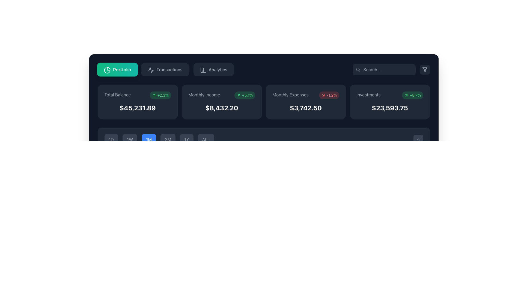  I want to click on the 'Analytics' text label, which serves as the label for the navigation button indicating the analytics feature, located in the top-center navigation bar, so click(218, 69).